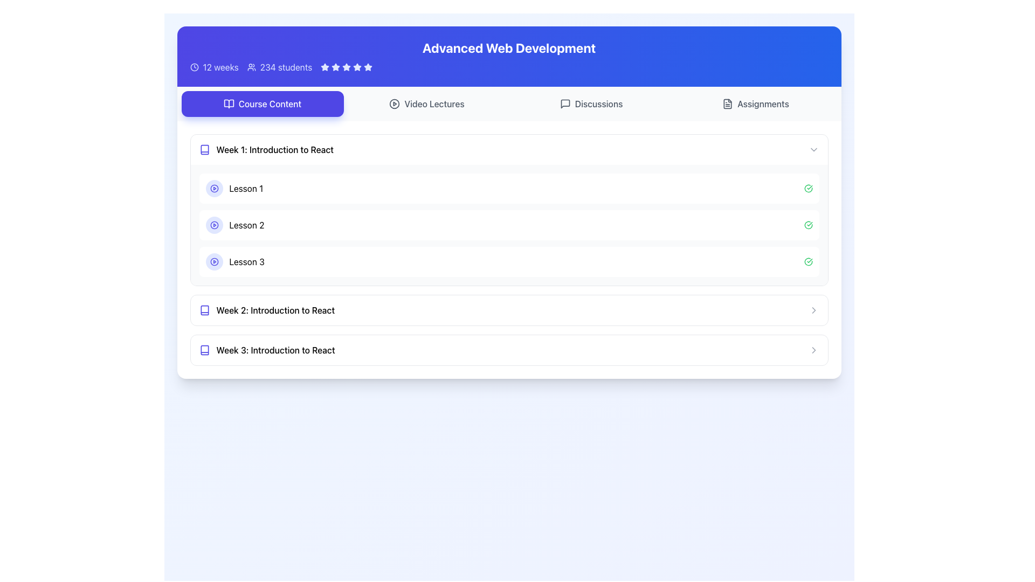 This screenshot has width=1035, height=582. Describe the element at coordinates (426, 103) in the screenshot. I see `the 'Video Lectures' button, which is a rounded rectangle containing a play icon and the text 'Video Lectures'` at that location.